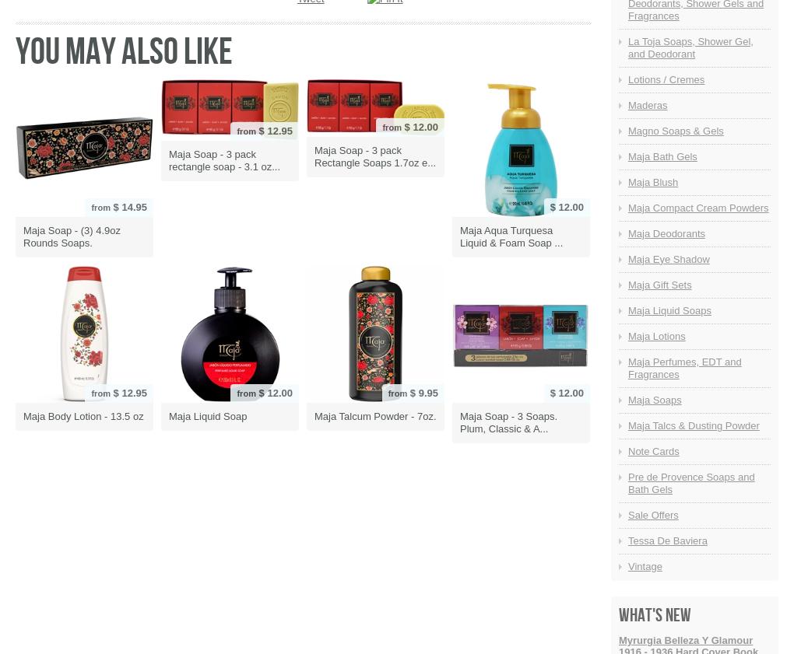 The height and width of the screenshot is (654, 794). What do you see at coordinates (422, 393) in the screenshot?
I see `'$ 9.95'` at bounding box center [422, 393].